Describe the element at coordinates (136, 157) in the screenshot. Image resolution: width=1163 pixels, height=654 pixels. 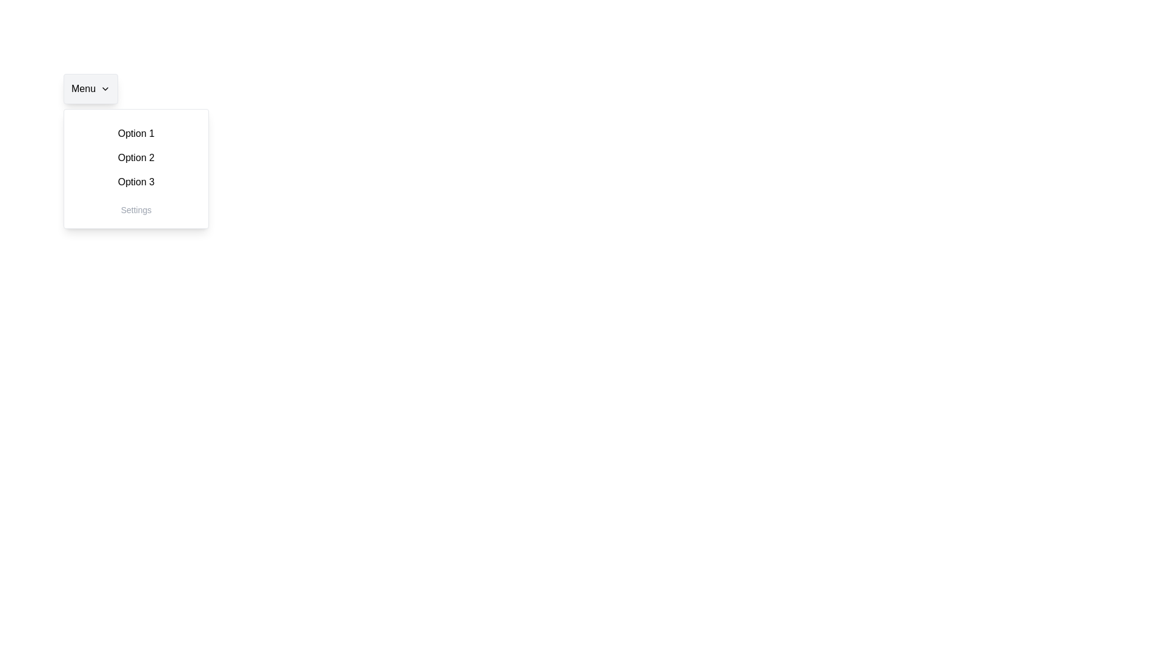
I see `one of the options in the List of text items located in the dropdown menu under the 'Menu' button` at that location.